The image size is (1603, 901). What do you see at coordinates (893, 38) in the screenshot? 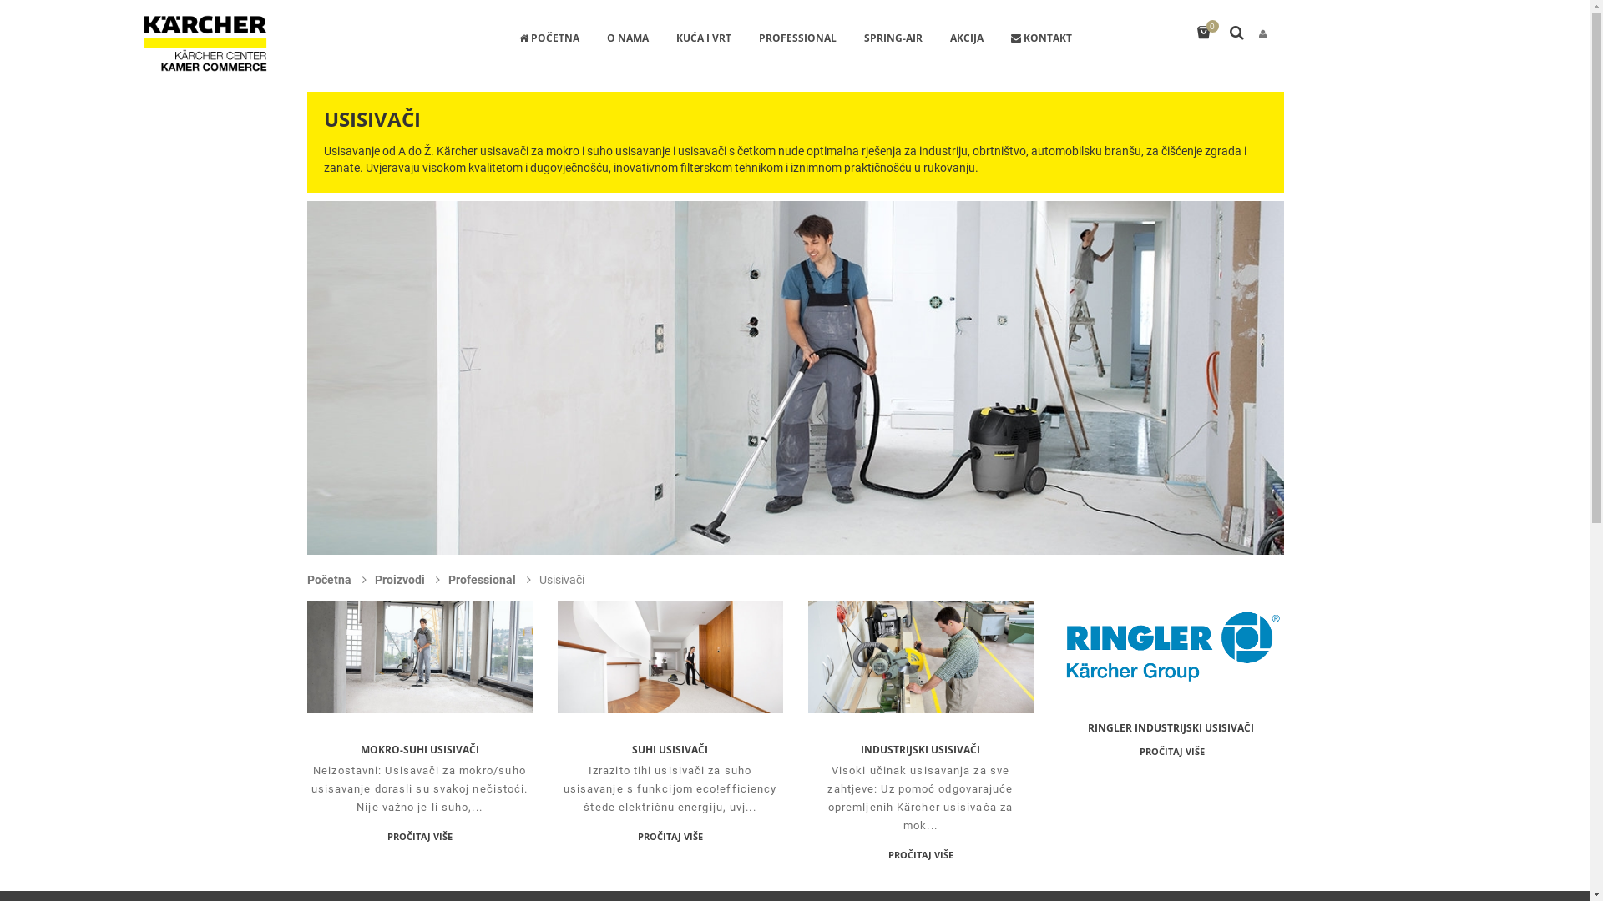
I see `'SPRING-AIR'` at bounding box center [893, 38].